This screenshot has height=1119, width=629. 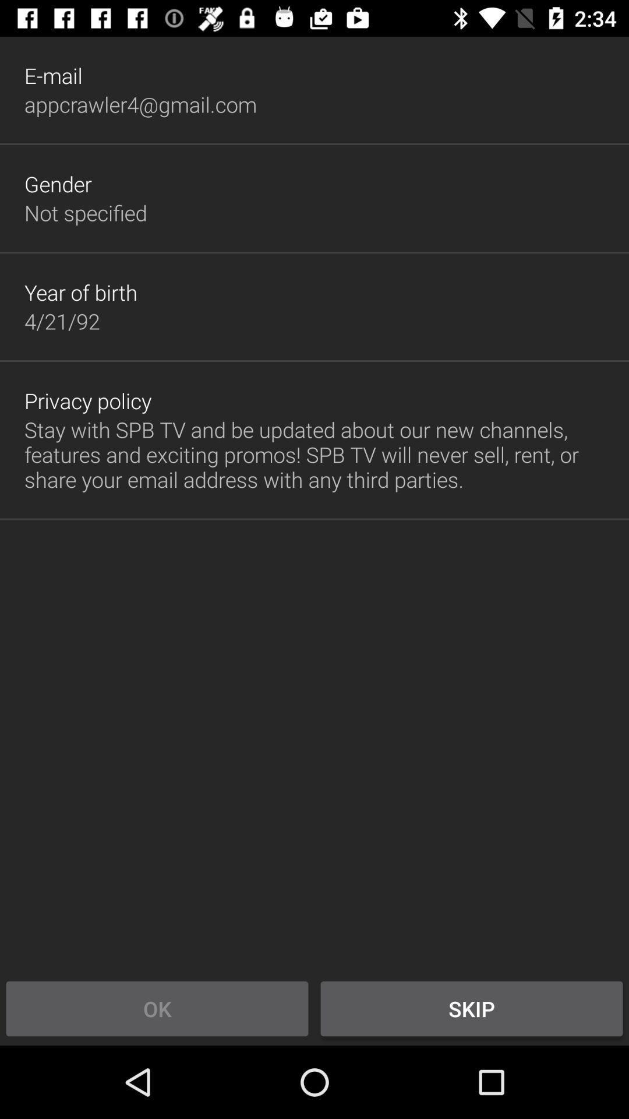 What do you see at coordinates (62, 321) in the screenshot?
I see `the app below the year of birth item` at bounding box center [62, 321].